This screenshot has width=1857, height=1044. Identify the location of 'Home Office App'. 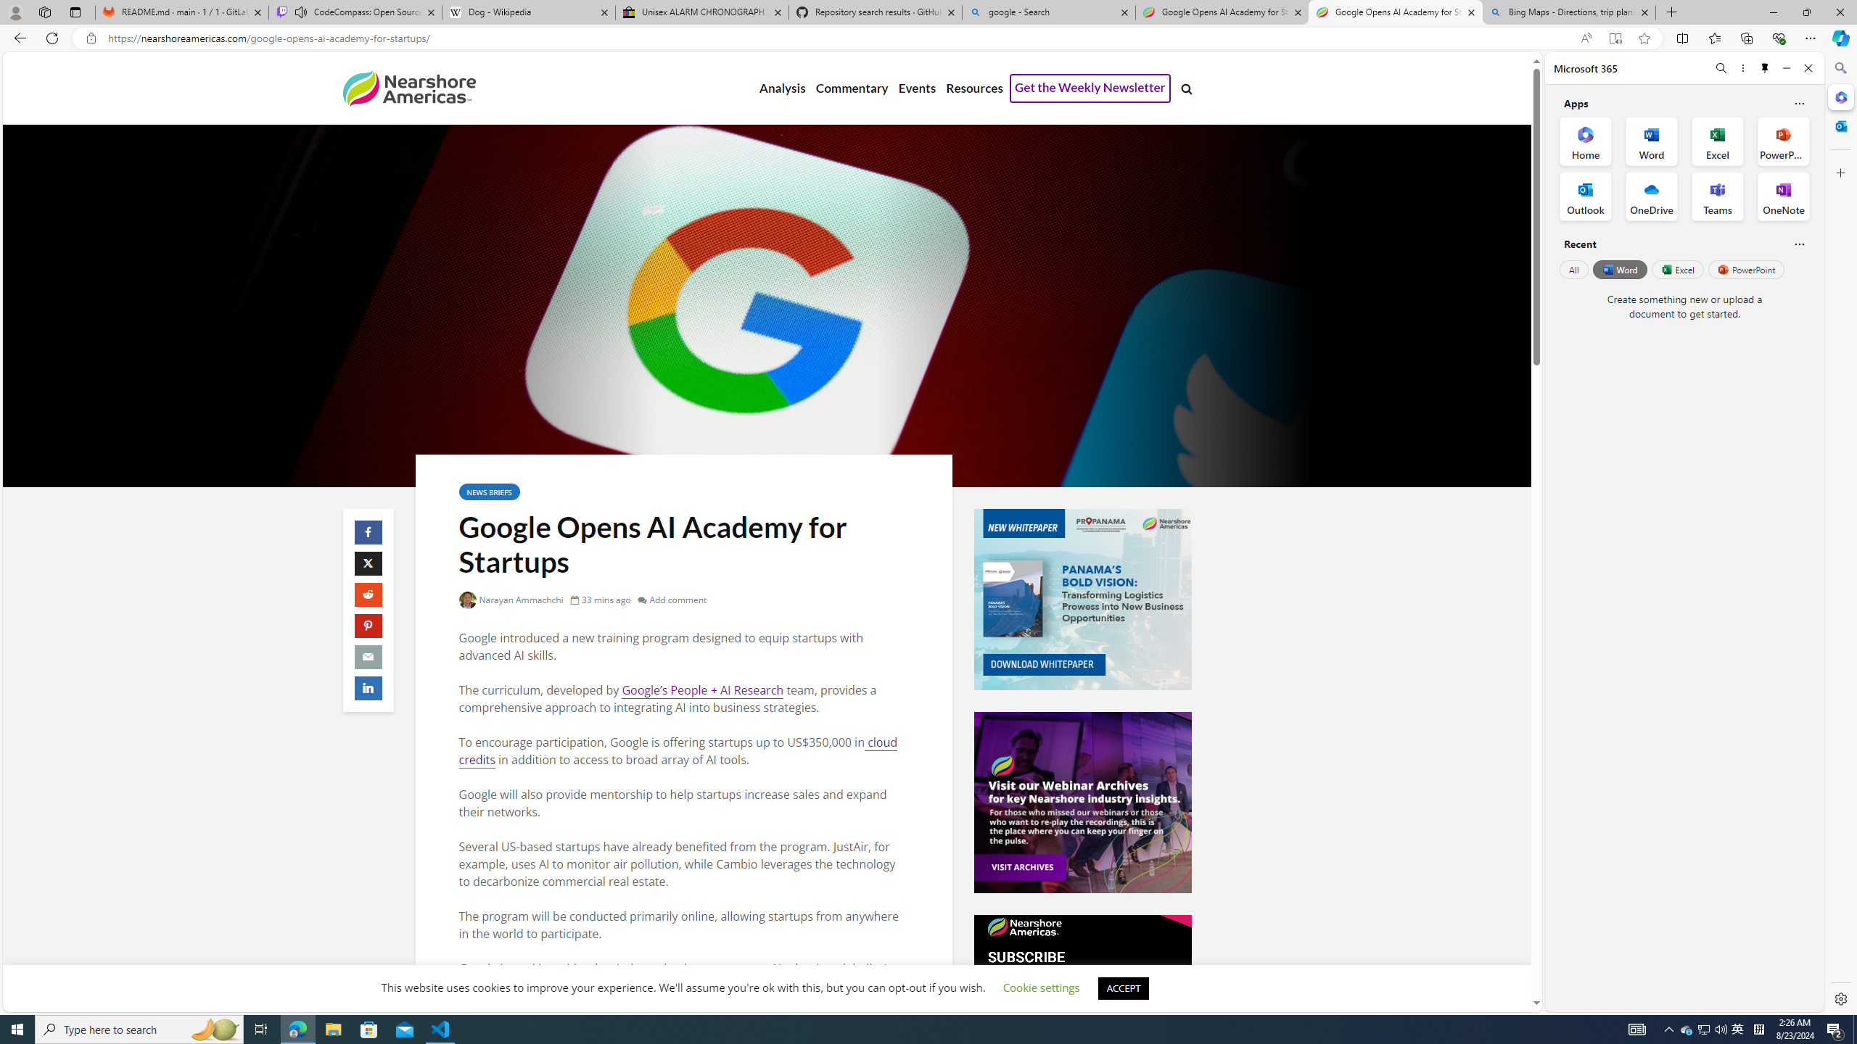
(1585, 141).